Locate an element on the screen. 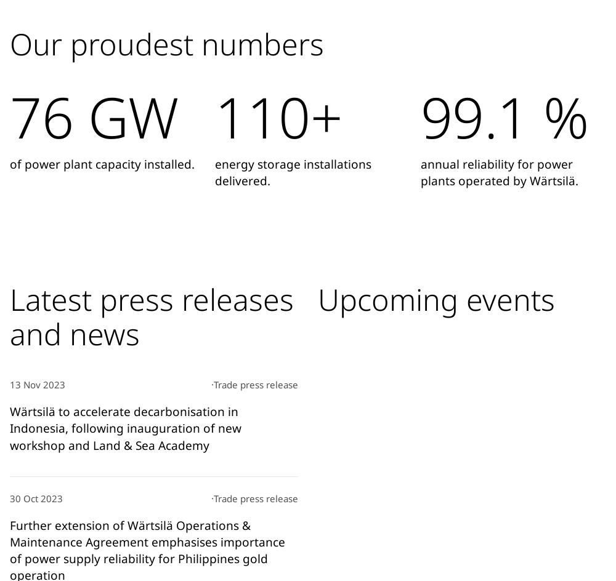  'annual reliability for power plants operated by Wärtsilä.' is located at coordinates (499, 172).